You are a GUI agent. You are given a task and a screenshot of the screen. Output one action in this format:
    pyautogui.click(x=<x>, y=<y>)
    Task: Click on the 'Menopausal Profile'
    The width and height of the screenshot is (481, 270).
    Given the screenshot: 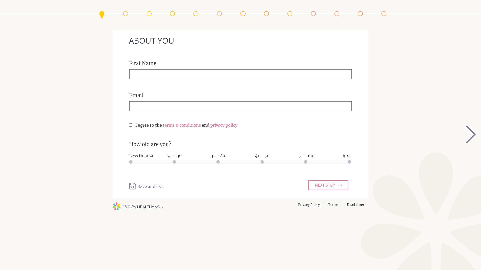 What is the action you would take?
    pyautogui.click(x=243, y=13)
    